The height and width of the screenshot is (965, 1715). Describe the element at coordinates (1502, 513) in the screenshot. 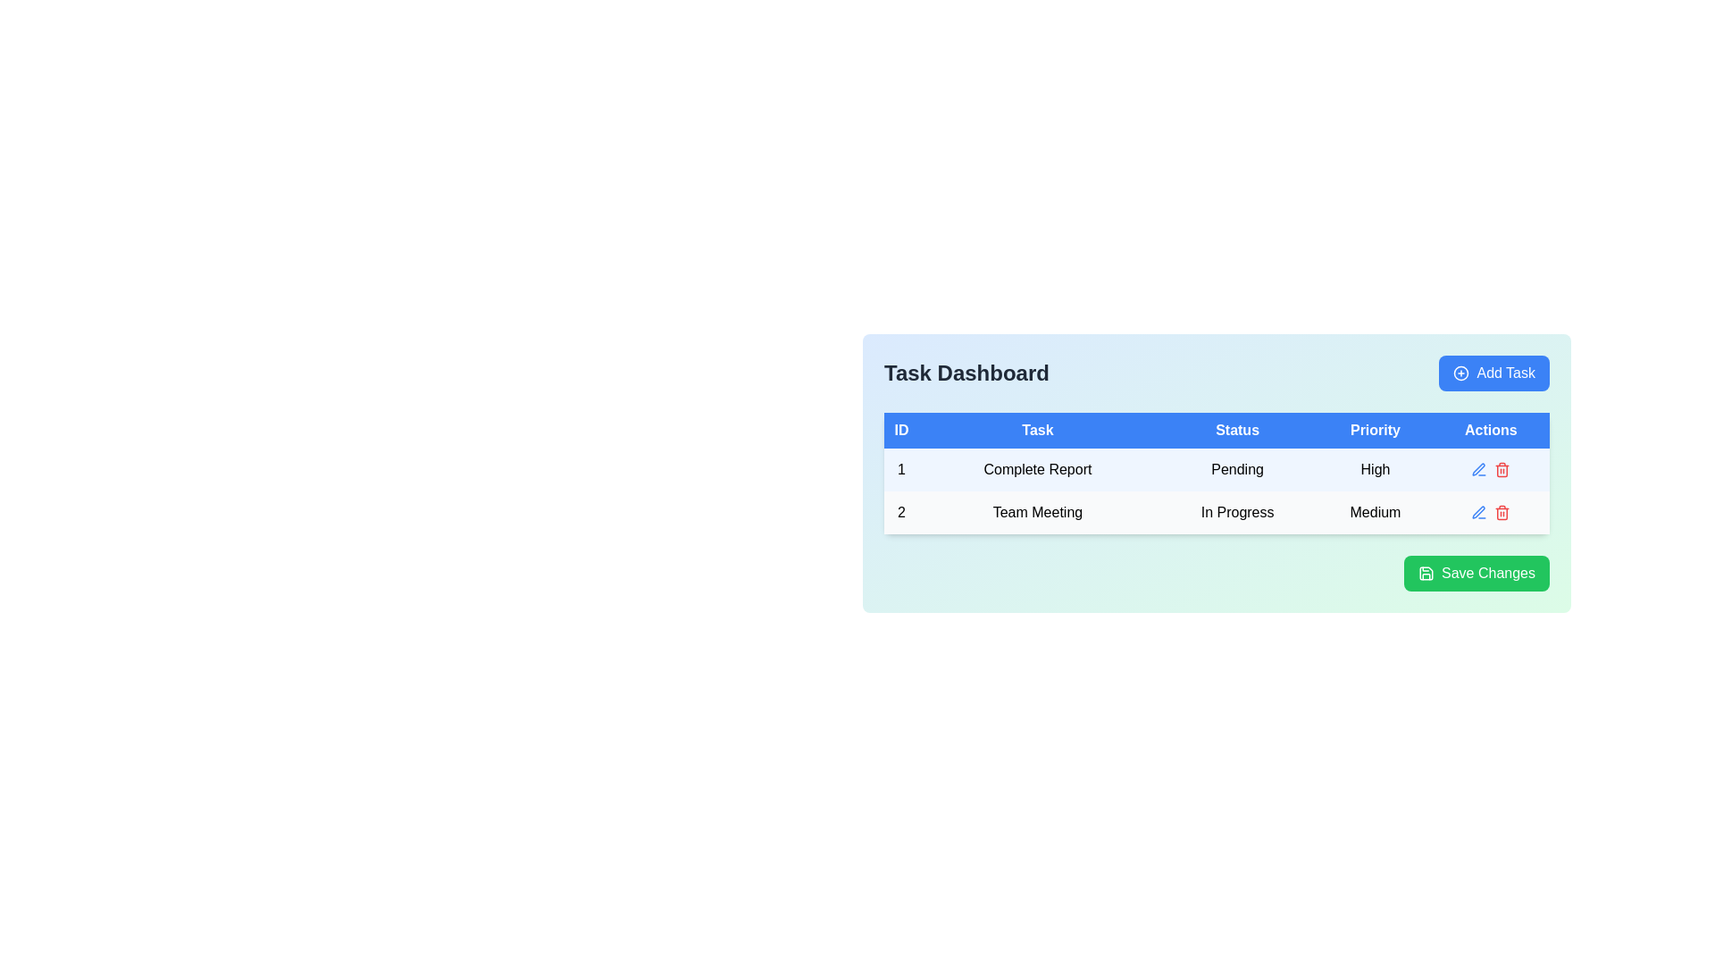

I see `the red trash bin icon` at that location.